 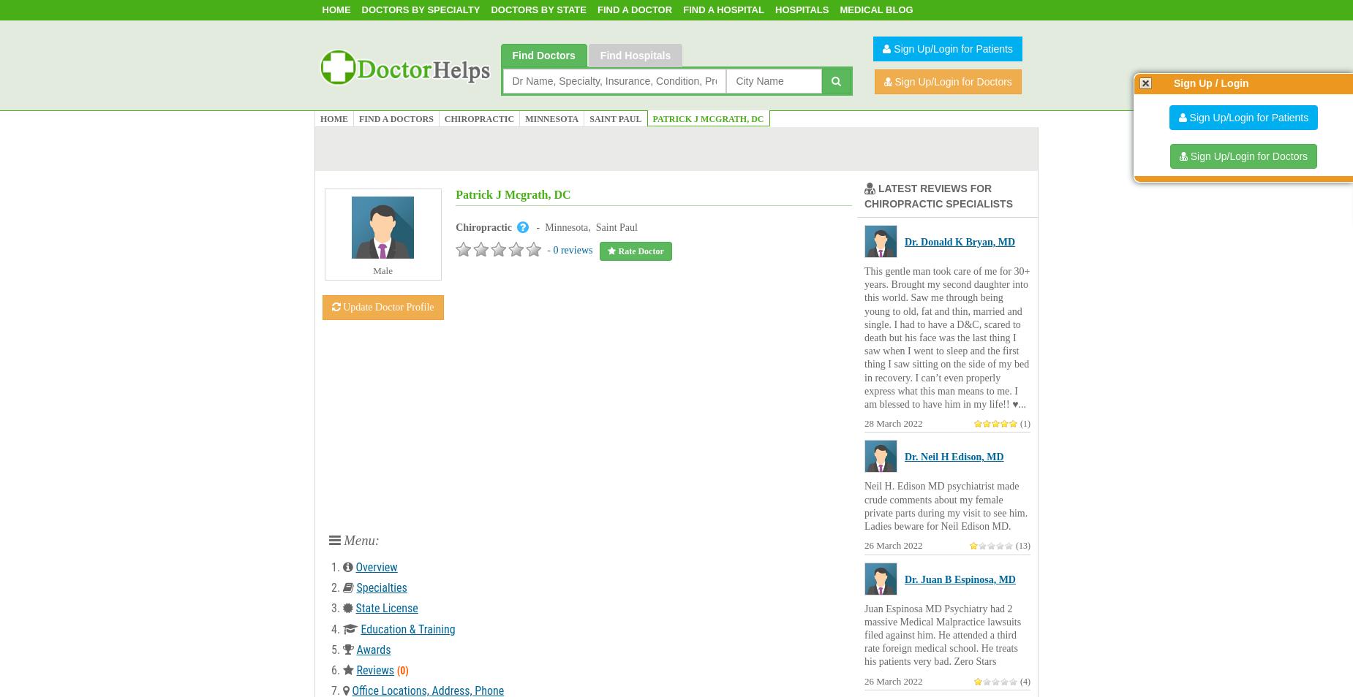 What do you see at coordinates (592, 227) in the screenshot?
I see `','` at bounding box center [592, 227].